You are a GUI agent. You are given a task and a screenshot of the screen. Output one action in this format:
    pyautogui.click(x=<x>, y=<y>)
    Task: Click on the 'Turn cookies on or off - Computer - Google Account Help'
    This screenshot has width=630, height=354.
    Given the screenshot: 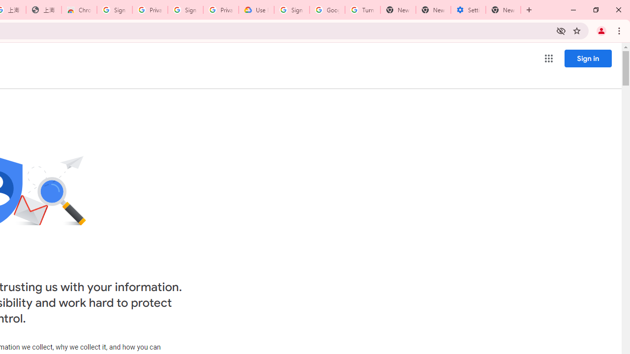 What is the action you would take?
    pyautogui.click(x=362, y=10)
    